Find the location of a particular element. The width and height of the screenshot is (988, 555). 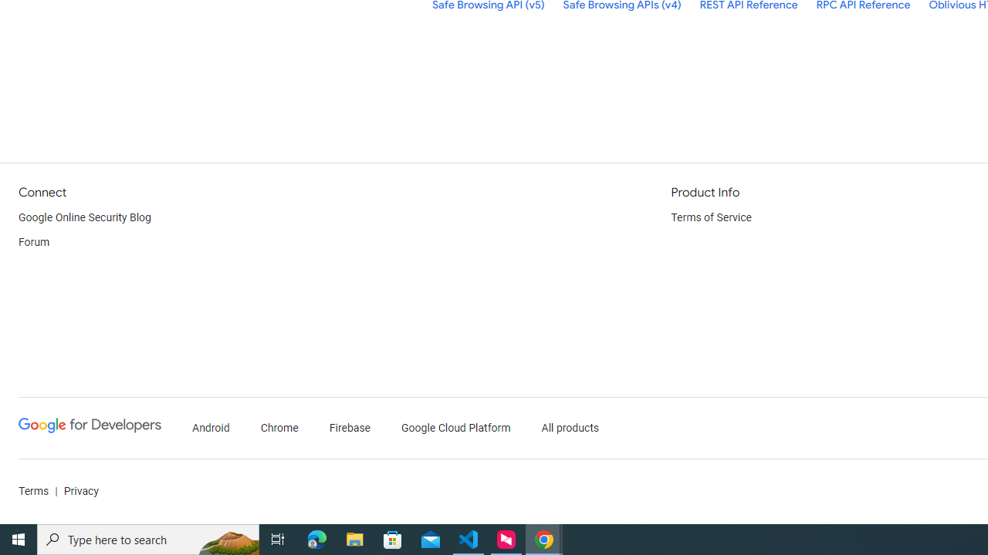

'Terms of Service' is located at coordinates (710, 217).